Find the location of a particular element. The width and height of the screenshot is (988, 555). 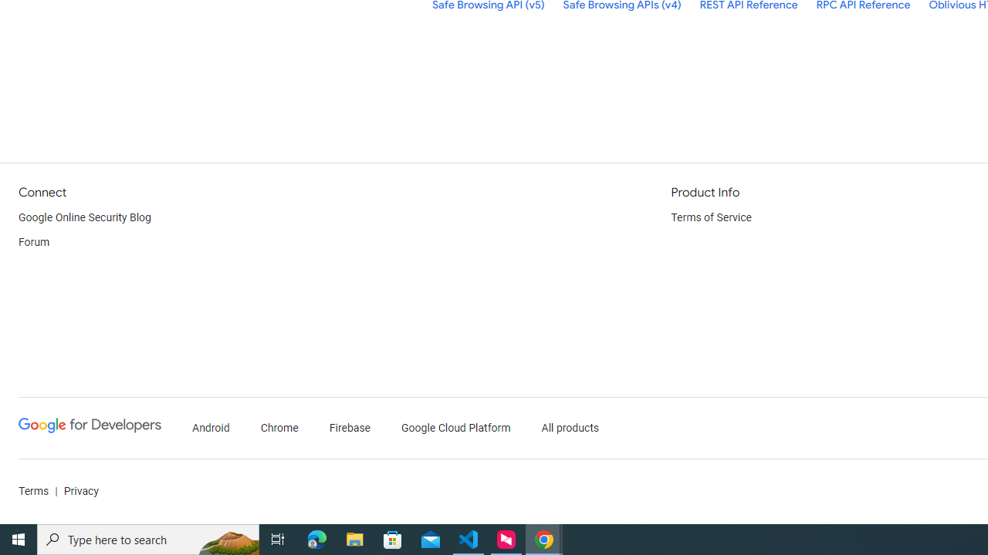

'Terms of Service' is located at coordinates (710, 217).